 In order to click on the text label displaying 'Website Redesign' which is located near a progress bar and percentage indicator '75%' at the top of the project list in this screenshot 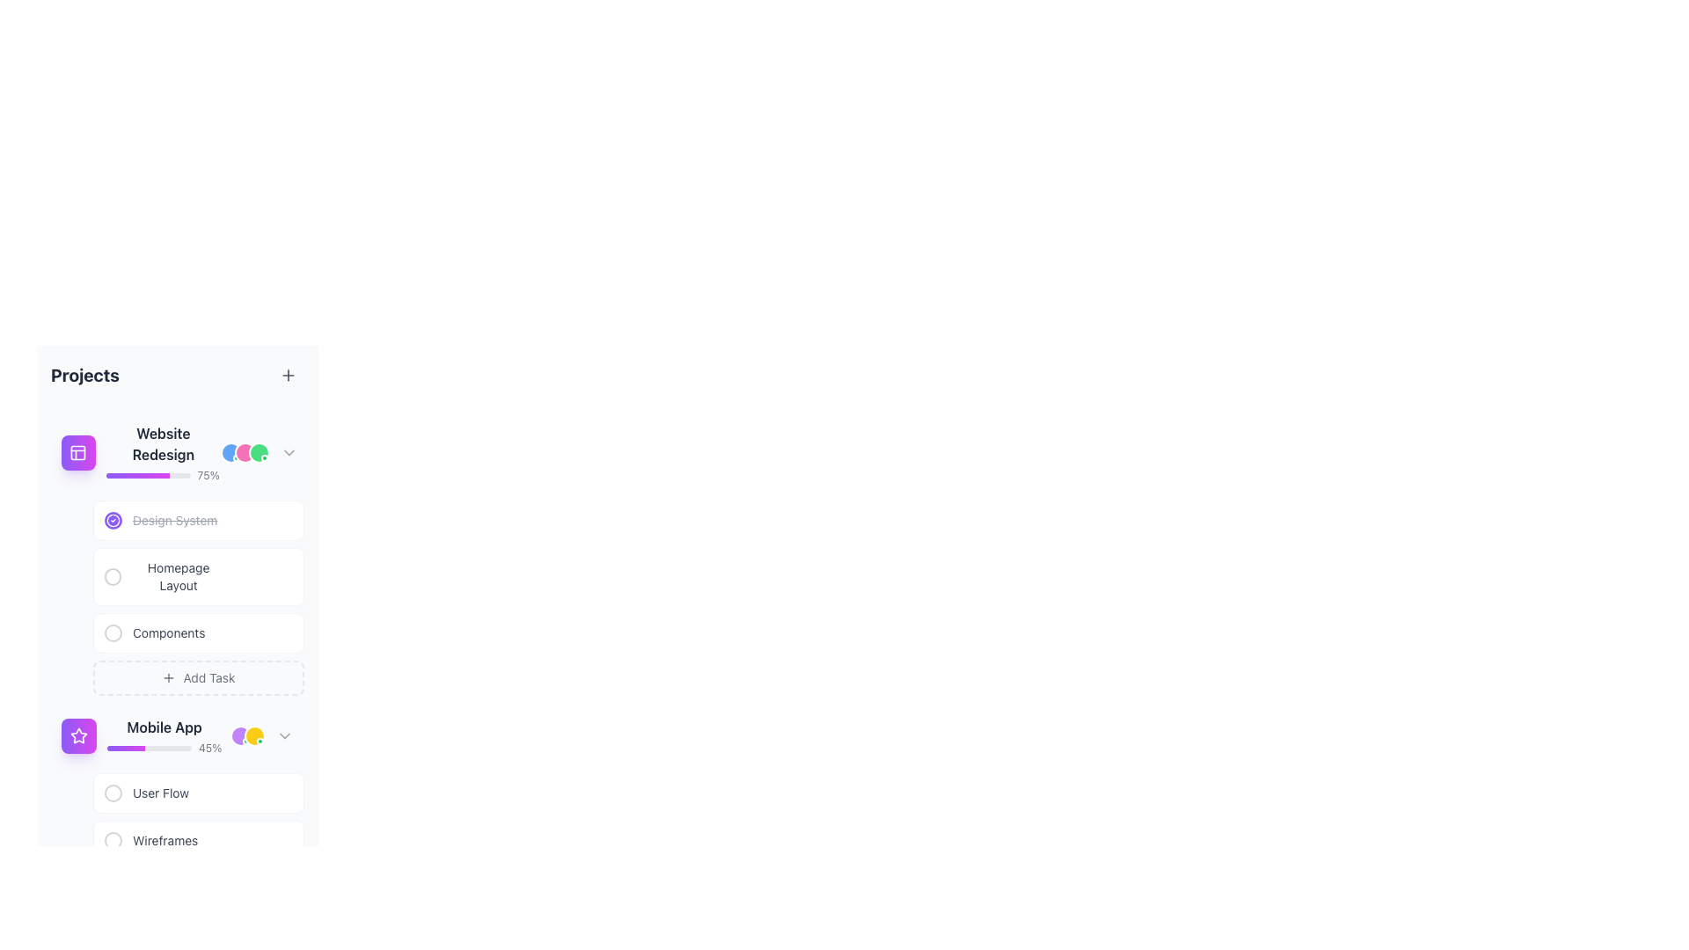, I will do `click(141, 452)`.